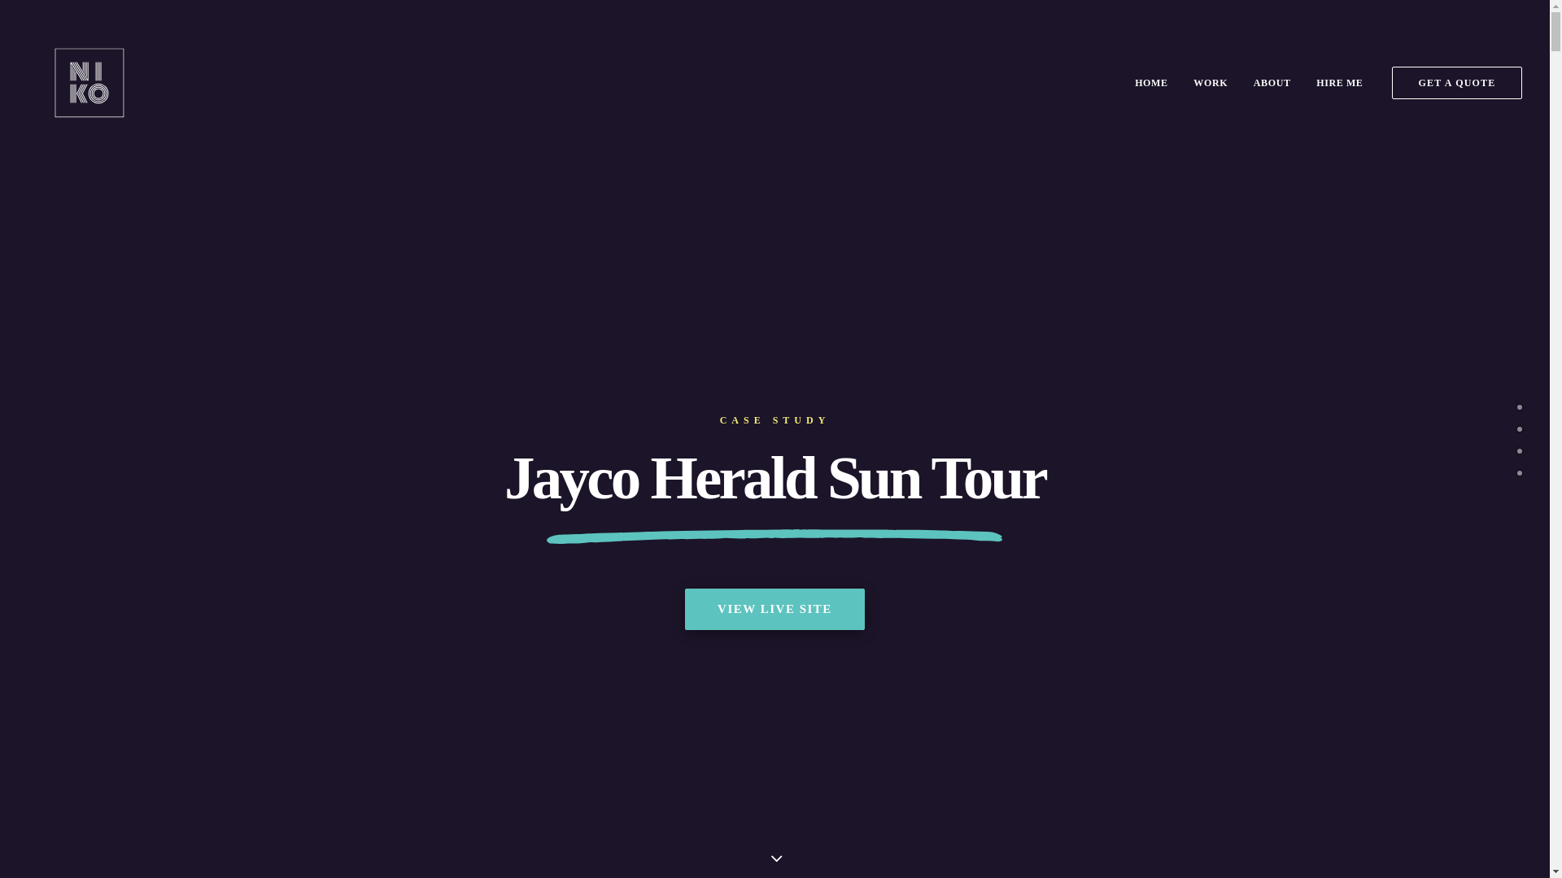 This screenshot has height=878, width=1562. I want to click on 'HOME', so click(1150, 82).